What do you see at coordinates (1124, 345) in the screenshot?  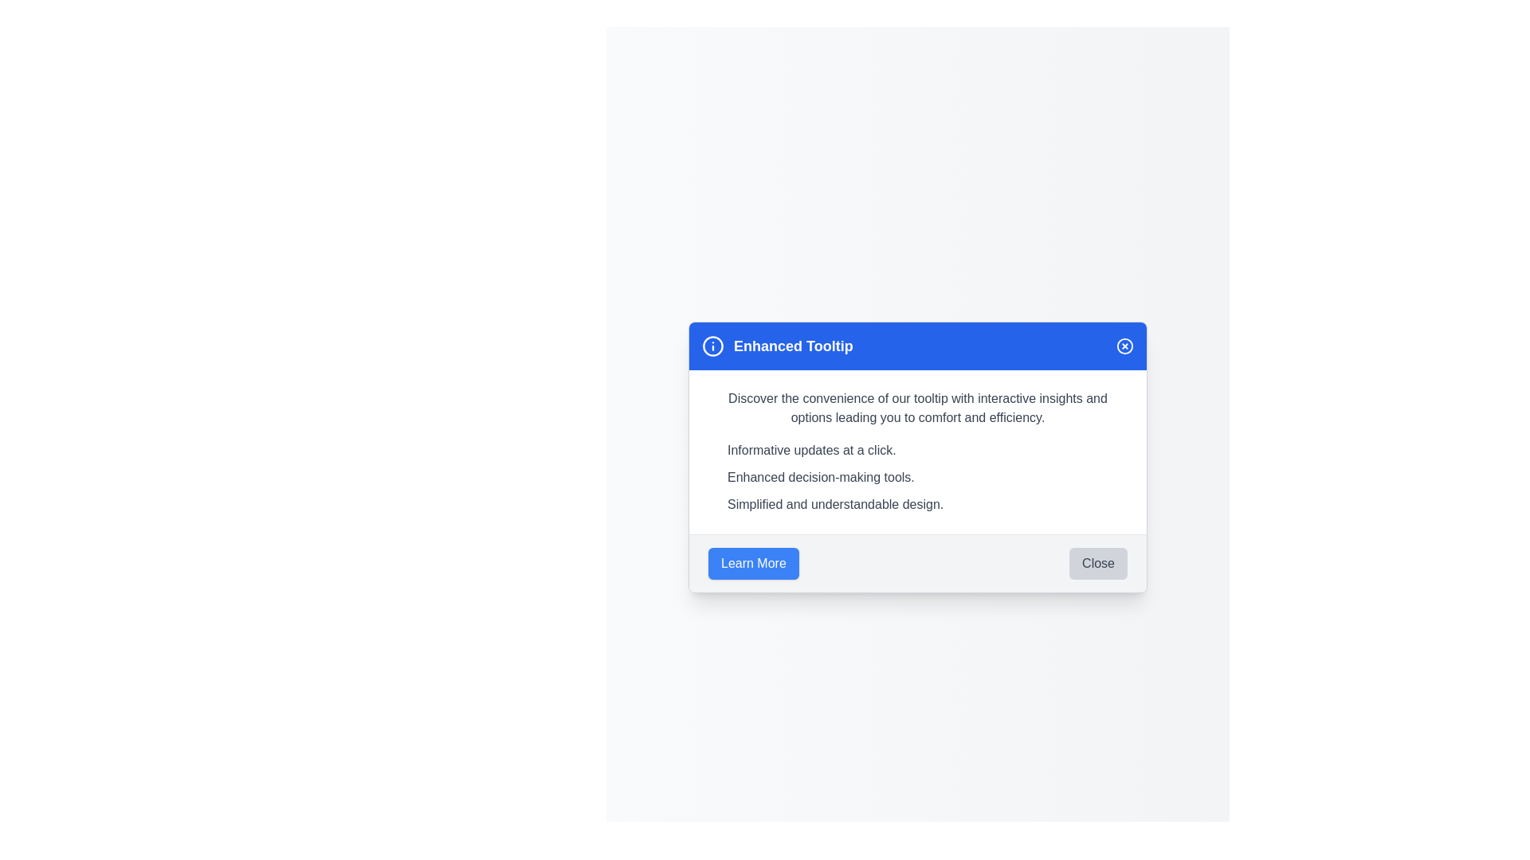 I see `the circular button with a white cross 'X' in the center, located in the top-right corner of the blue bar on the tooltip` at bounding box center [1124, 345].